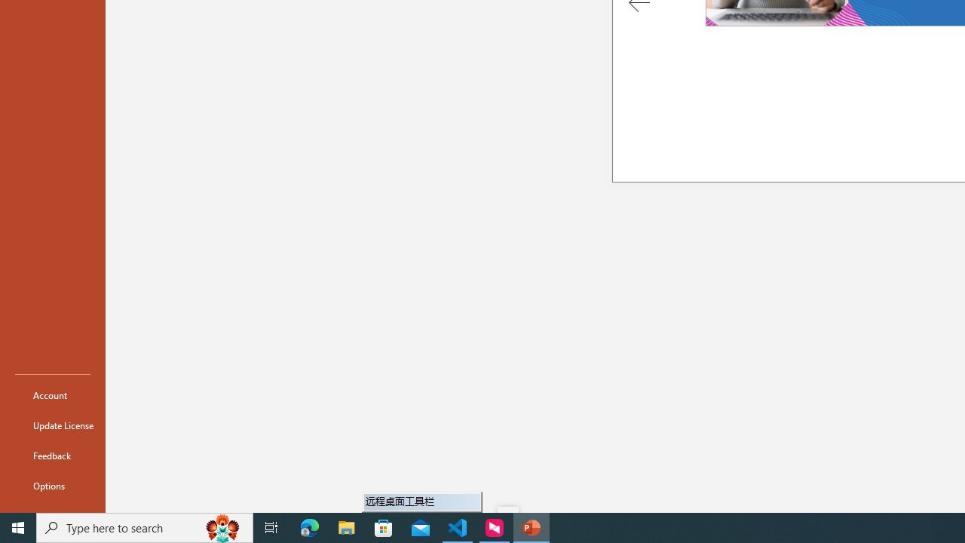 The image size is (965, 543). Describe the element at coordinates (52, 486) in the screenshot. I see `'Options'` at that location.